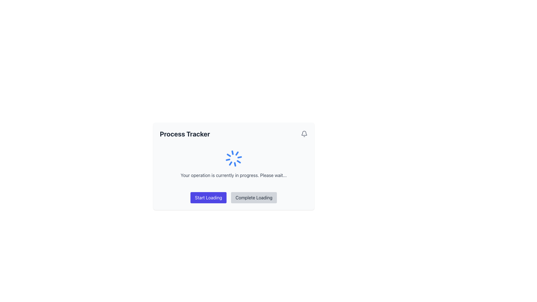 This screenshot has width=537, height=302. I want to click on the circular animated Loader icon, which is light blue and indicates loading or processing, located at the center of the user interface, so click(234, 159).